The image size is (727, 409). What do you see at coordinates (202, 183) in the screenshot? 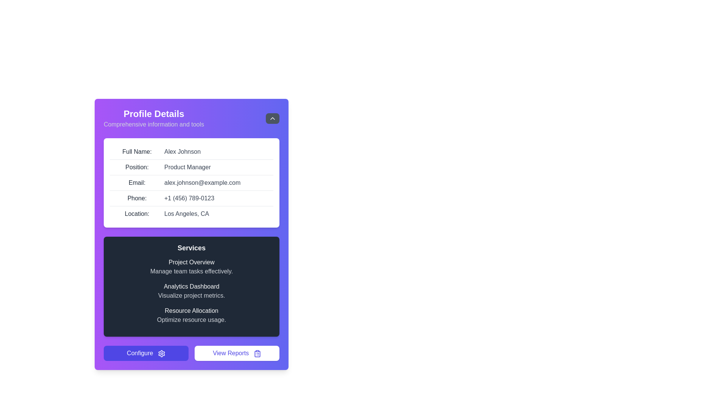
I see `text label displaying the email address 'alex.johnson@example.com', which is styled with a gray font color and located in the central part of the profile details section` at bounding box center [202, 183].